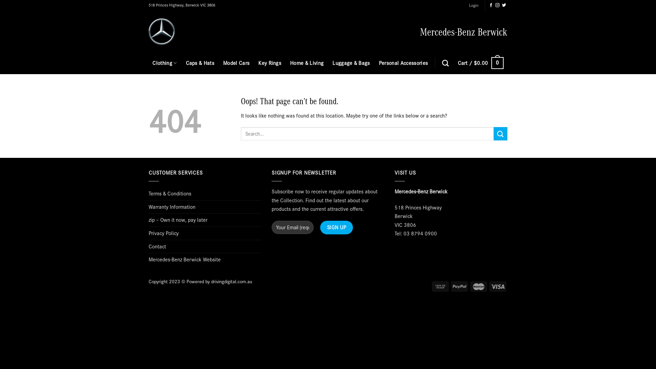 The width and height of the screenshot is (656, 369). I want to click on 'Privacy Policy', so click(163, 233).